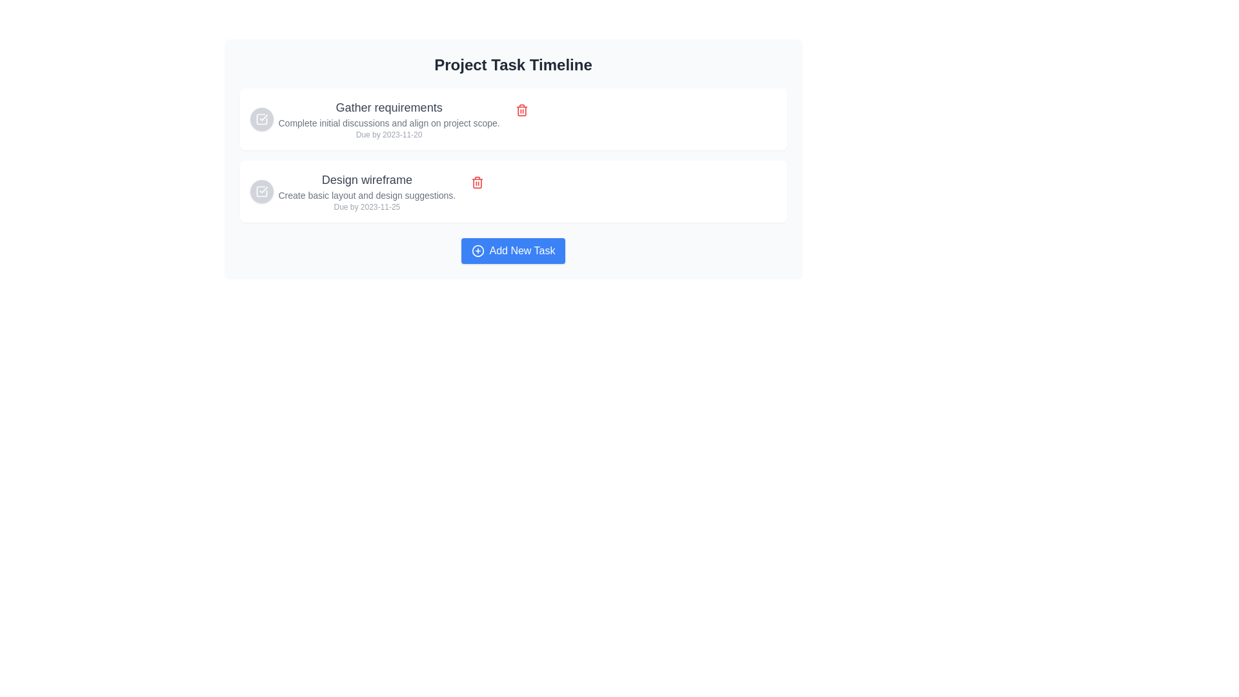 The width and height of the screenshot is (1239, 697). I want to click on the Text Label that serves as the title for the first task in the project timeline interface, located above the task description and due date, so click(388, 106).